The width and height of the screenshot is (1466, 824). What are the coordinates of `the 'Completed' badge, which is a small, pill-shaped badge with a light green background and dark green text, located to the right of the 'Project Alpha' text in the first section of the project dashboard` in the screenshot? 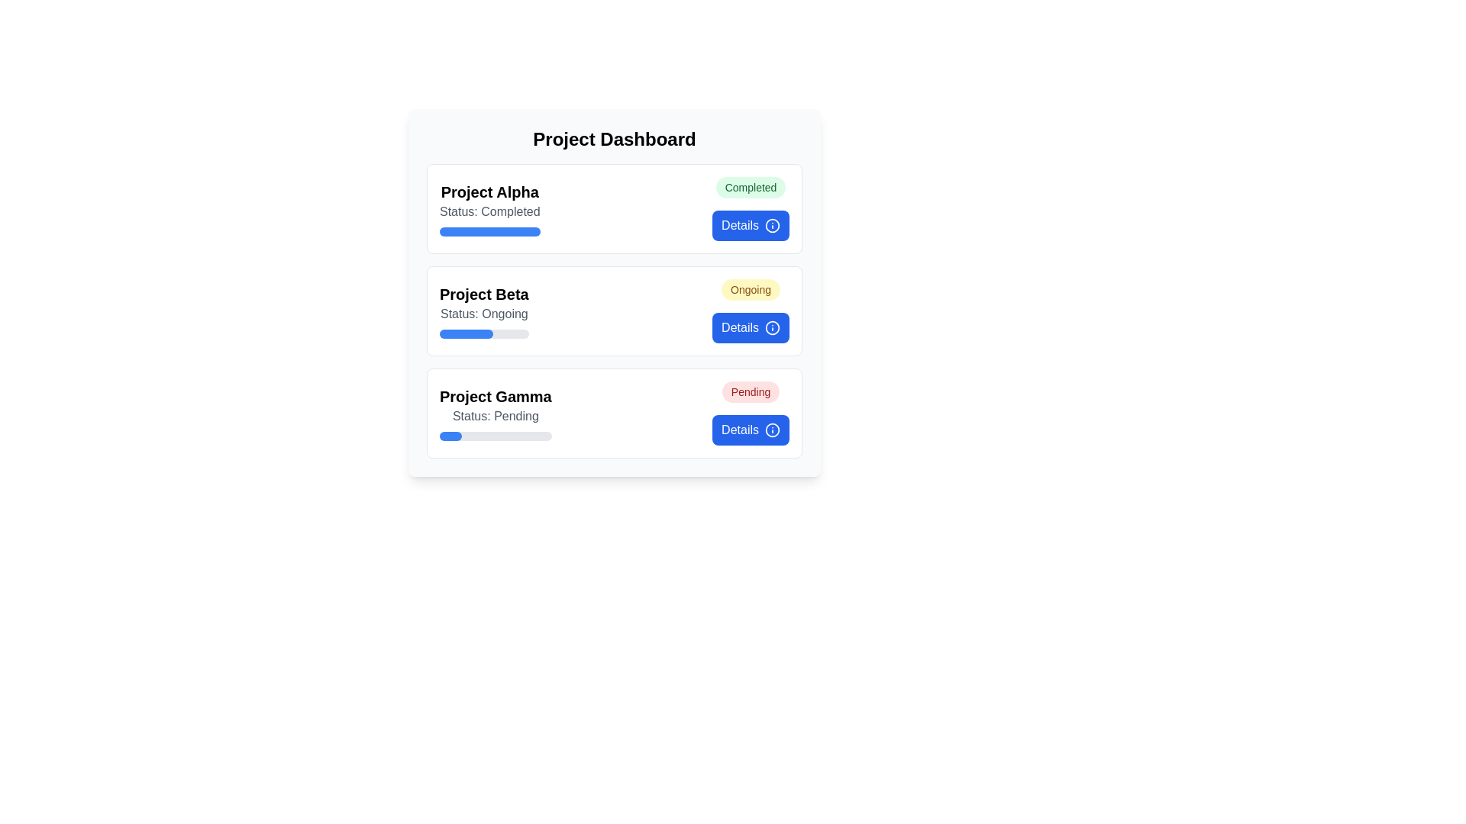 It's located at (751, 187).